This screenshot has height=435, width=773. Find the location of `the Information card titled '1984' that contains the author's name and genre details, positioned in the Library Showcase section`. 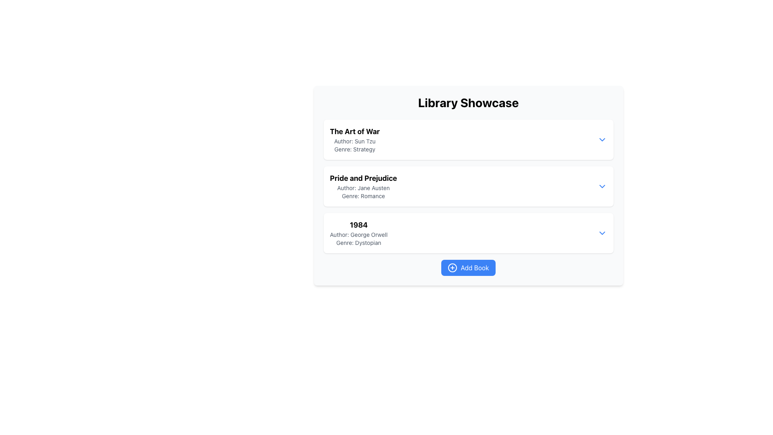

the Information card titled '1984' that contains the author's name and genre details, positioned in the Library Showcase section is located at coordinates (468, 233).